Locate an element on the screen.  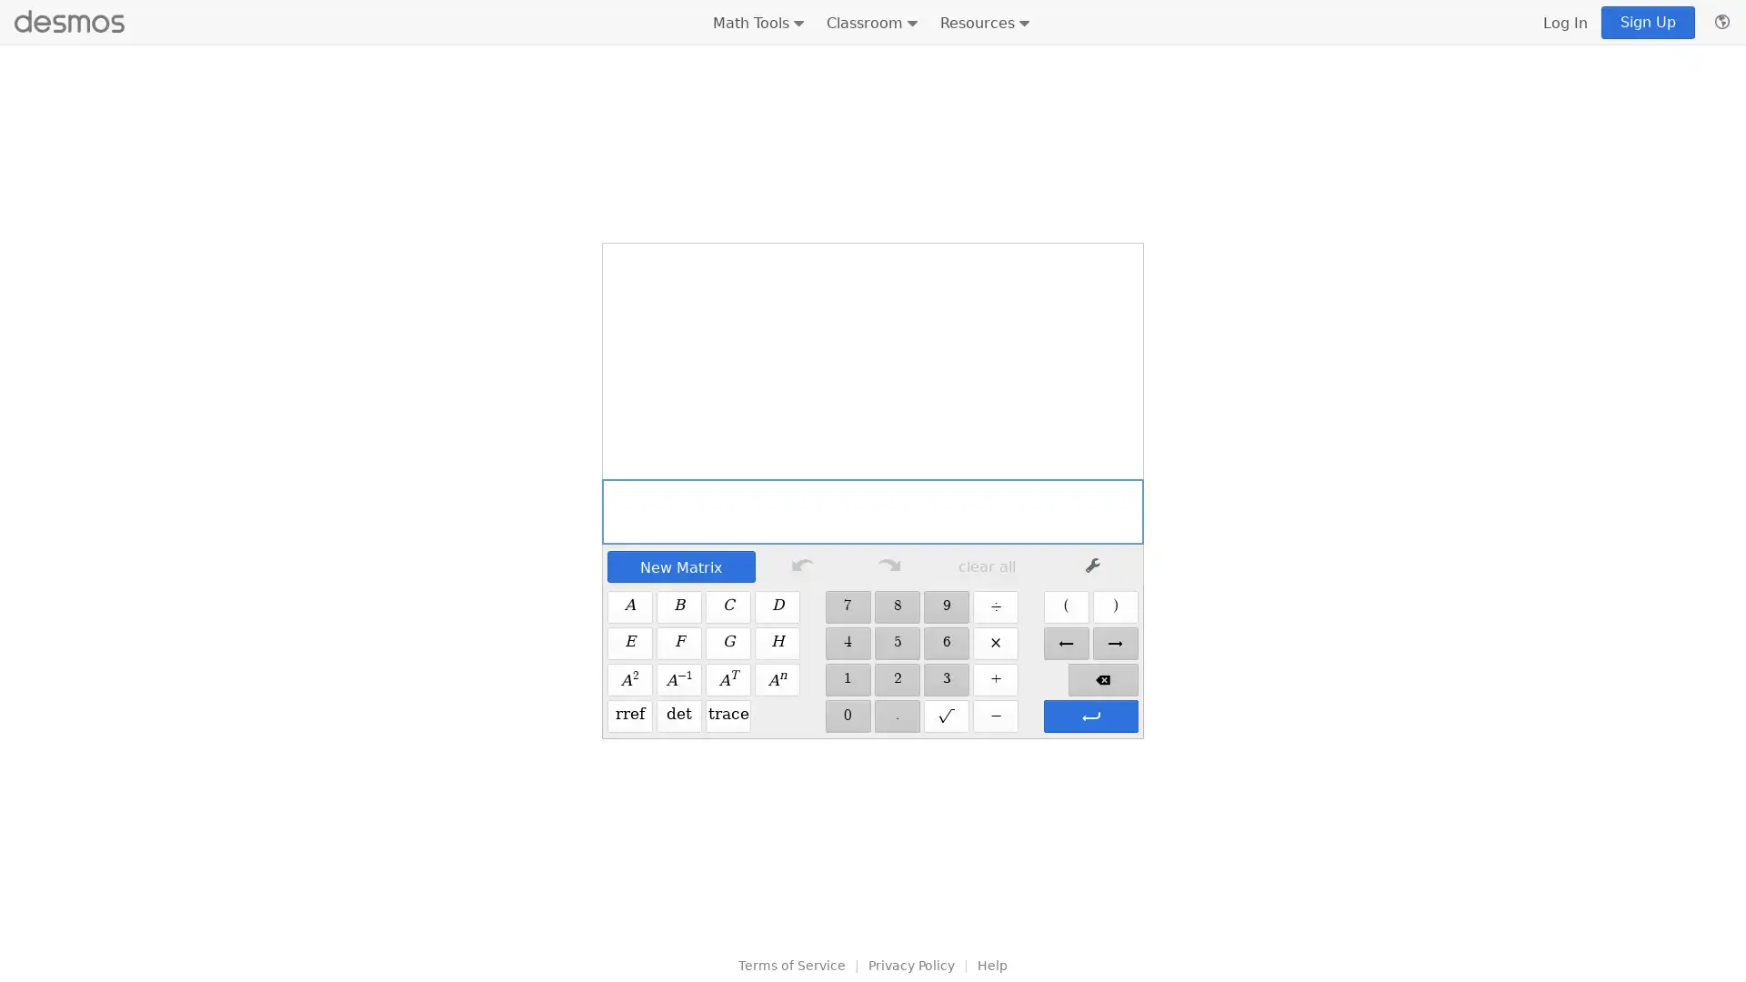
Exponent is located at coordinates (777, 680).